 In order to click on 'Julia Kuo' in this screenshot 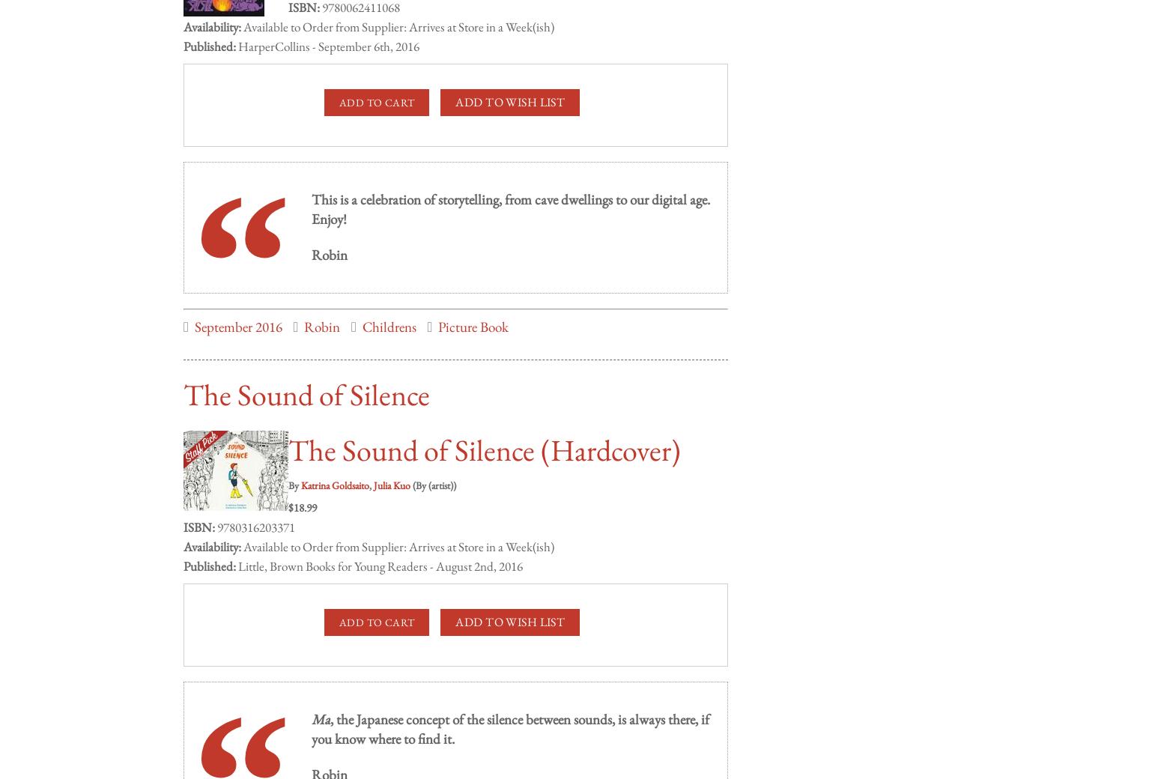, I will do `click(391, 469)`.